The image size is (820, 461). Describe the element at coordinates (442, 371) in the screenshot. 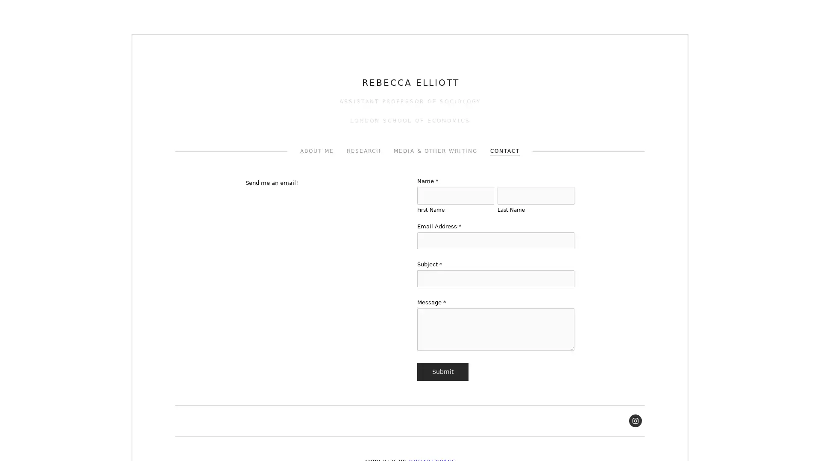

I see `Submit` at that location.